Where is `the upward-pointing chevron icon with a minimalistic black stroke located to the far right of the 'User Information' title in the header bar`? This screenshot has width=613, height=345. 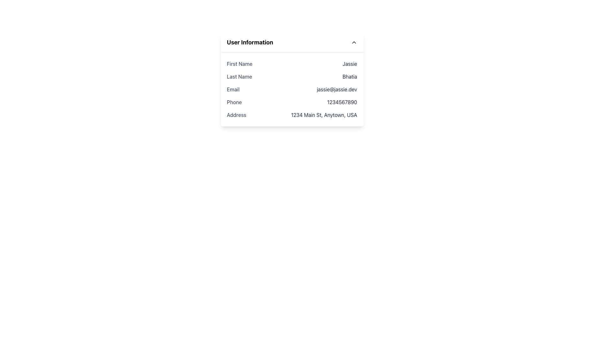
the upward-pointing chevron icon with a minimalistic black stroke located to the far right of the 'User Information' title in the header bar is located at coordinates (353, 42).